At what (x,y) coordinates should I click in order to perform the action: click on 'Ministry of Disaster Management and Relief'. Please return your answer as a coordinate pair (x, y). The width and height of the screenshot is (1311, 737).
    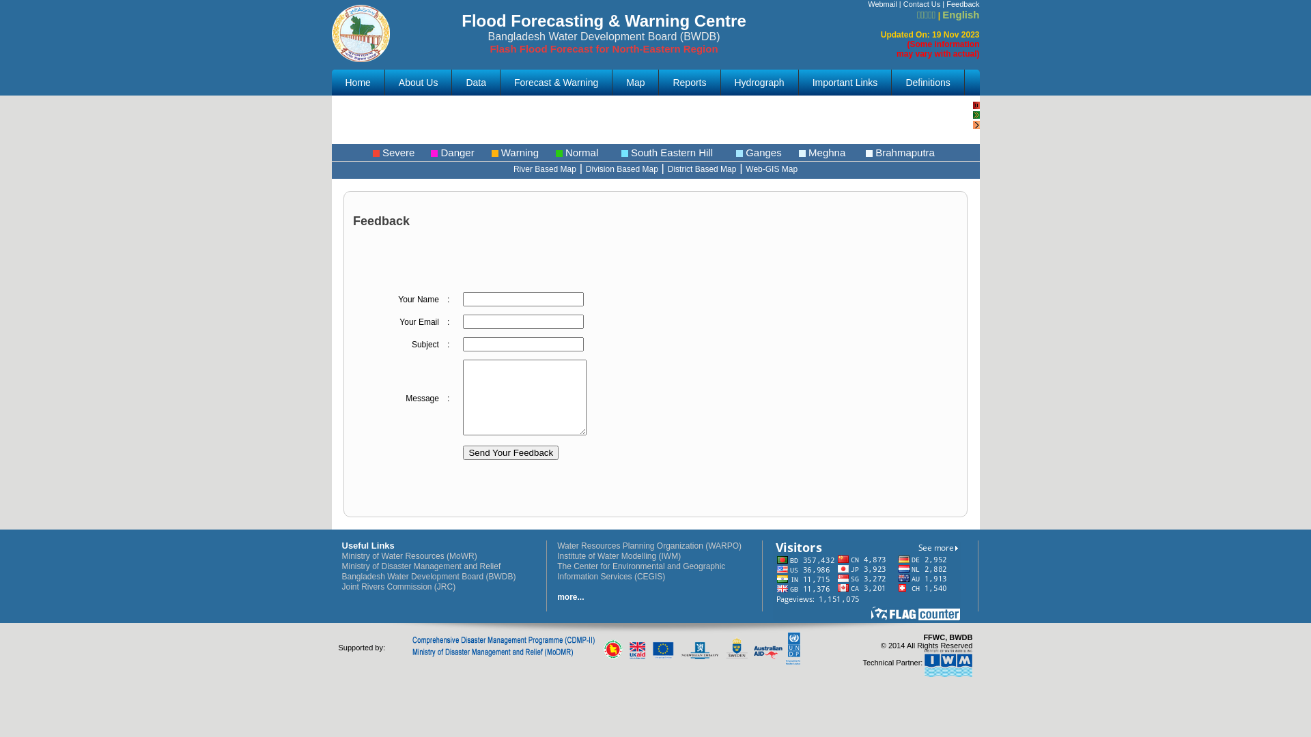
    Looking at the image, I should click on (420, 566).